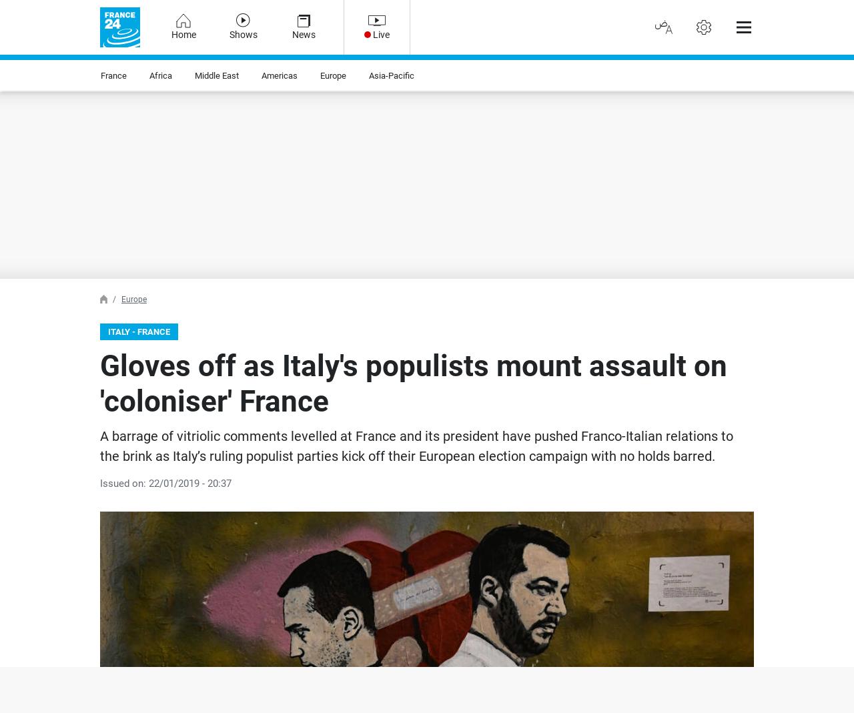  What do you see at coordinates (98, 83) in the screenshot?
I see `'France Médias Monde websites'` at bounding box center [98, 83].